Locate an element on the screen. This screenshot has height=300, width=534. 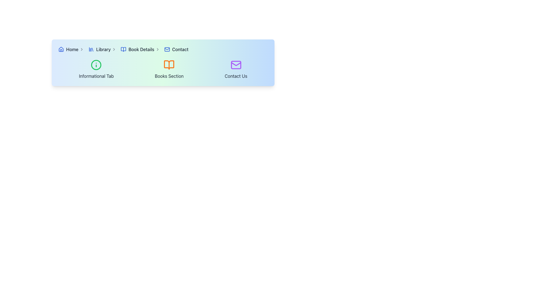
the 'Contact Us' button, which features a purple mail envelope icon and dark gray text is located at coordinates (236, 69).